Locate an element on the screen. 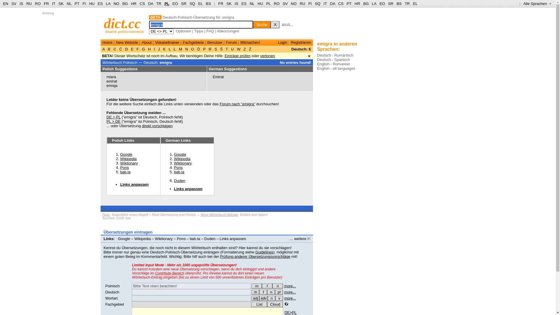 The image size is (560, 315). 'SV' is located at coordinates (285, 3).